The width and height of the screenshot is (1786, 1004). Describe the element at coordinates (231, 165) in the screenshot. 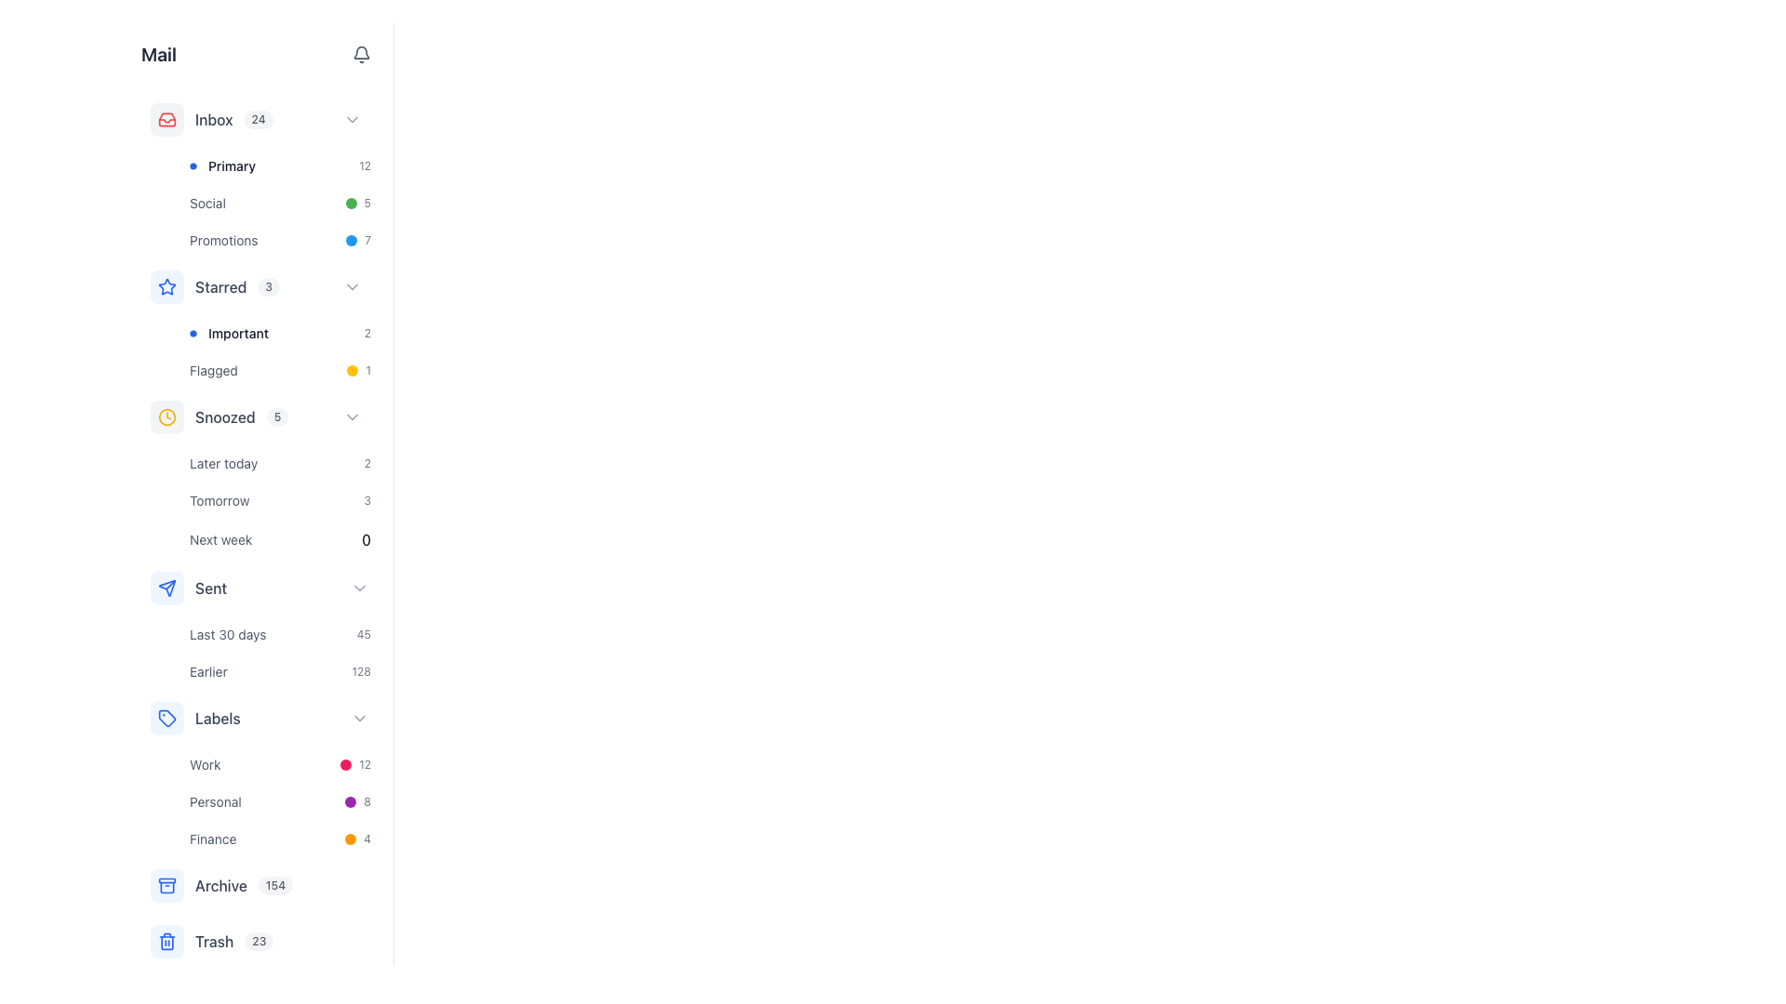

I see `the 'Primary' text label in the email navigation menu` at that location.